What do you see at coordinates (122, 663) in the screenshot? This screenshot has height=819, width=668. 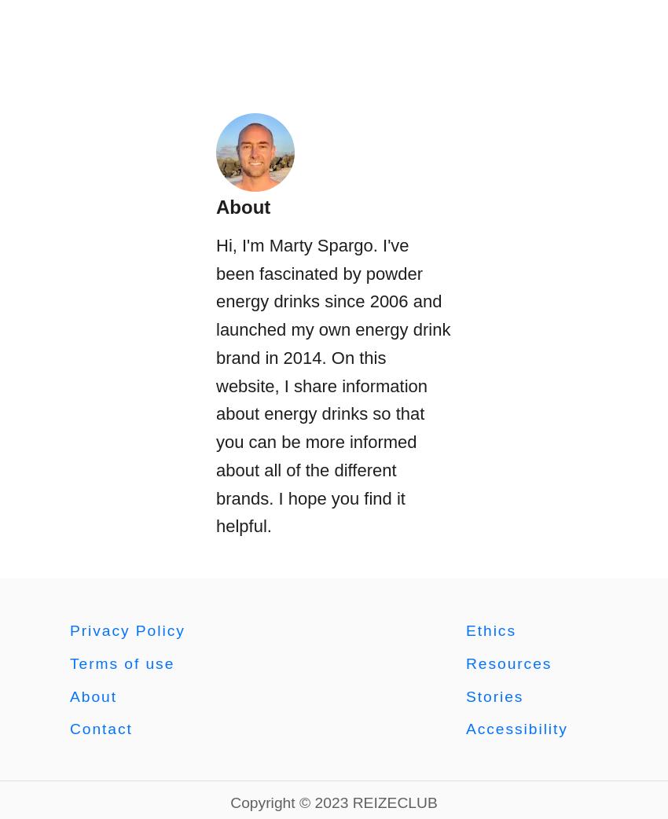 I see `'Terms of use'` at bounding box center [122, 663].